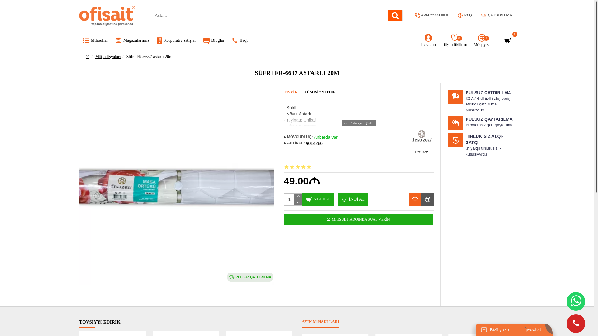 Image resolution: width=598 pixels, height=336 pixels. I want to click on 'FAQ', so click(465, 15).